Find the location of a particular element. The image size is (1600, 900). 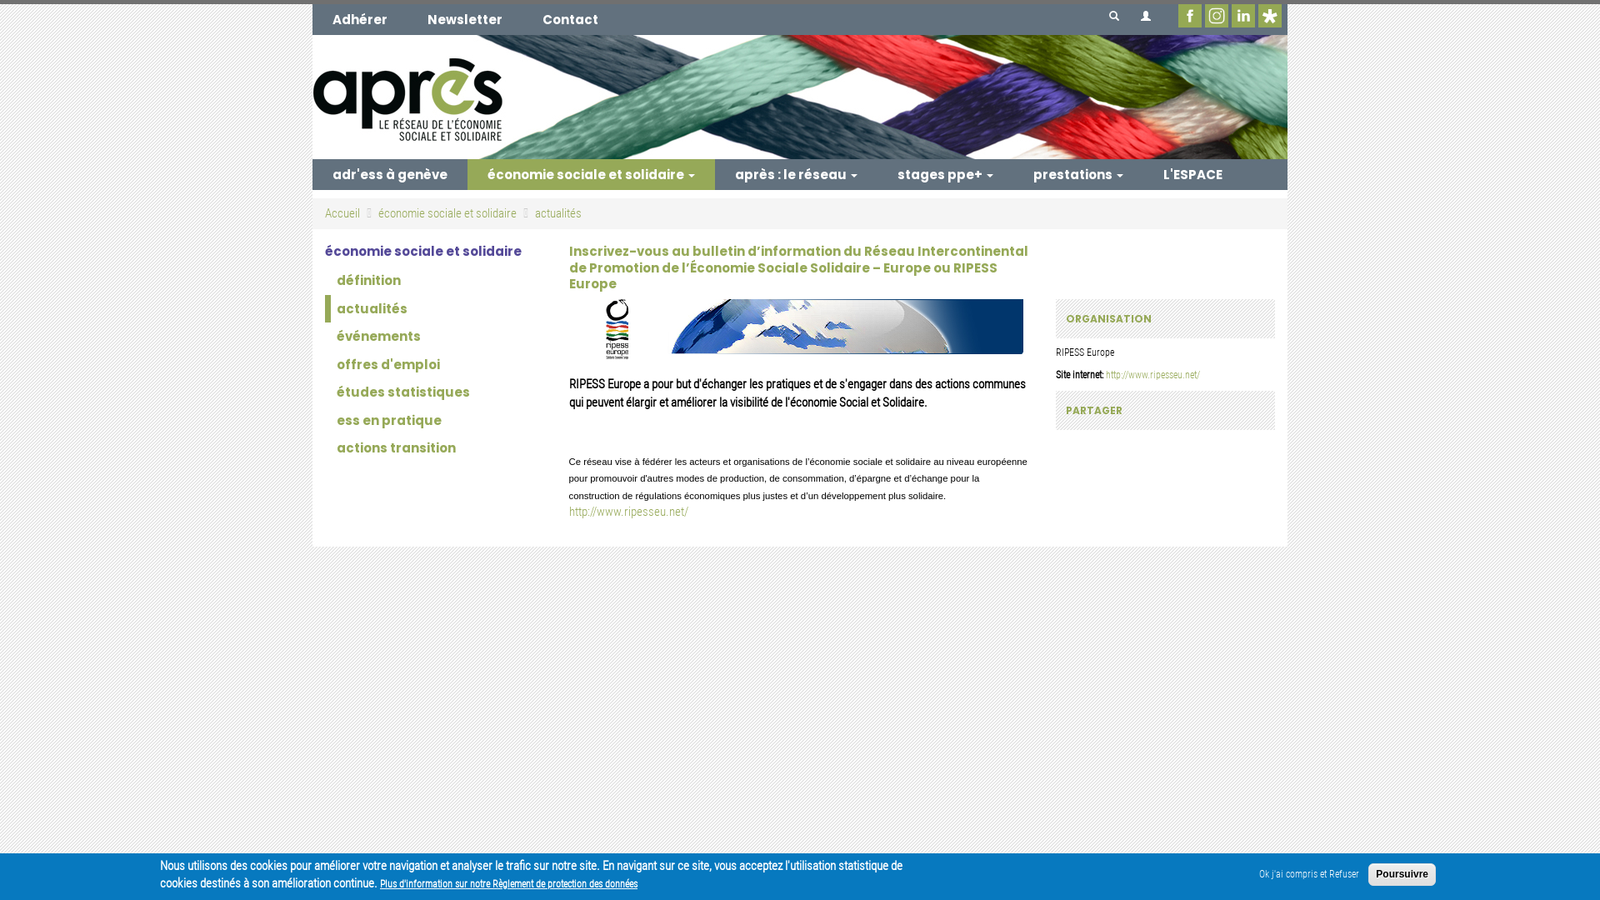

'prestations' is located at coordinates (1078, 174).